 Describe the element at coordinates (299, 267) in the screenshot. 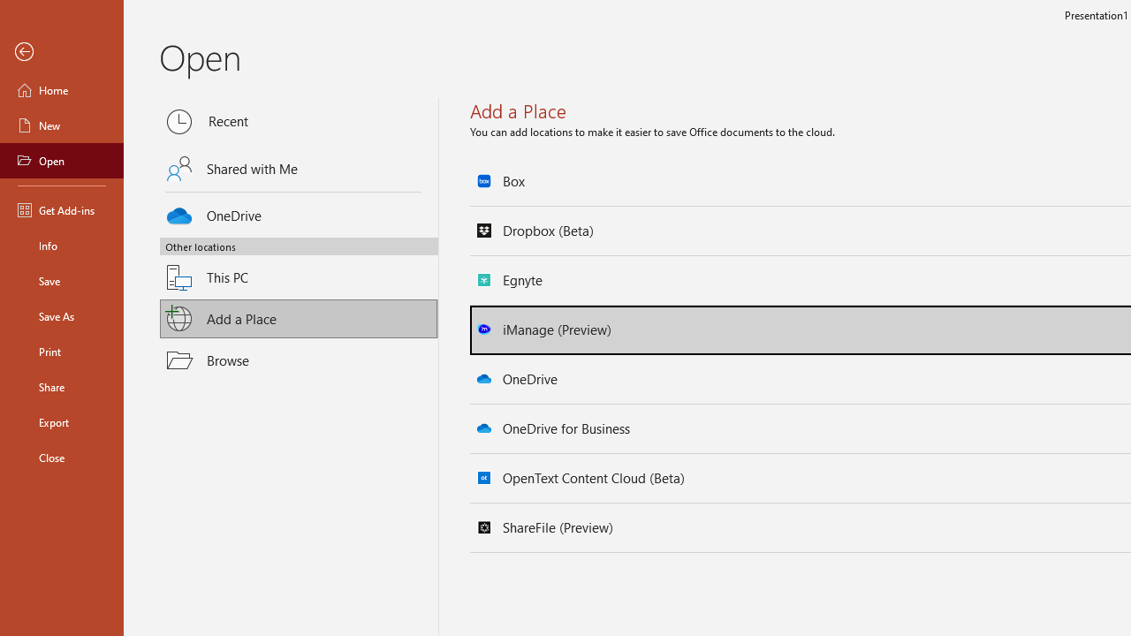

I see `'This PC'` at that location.